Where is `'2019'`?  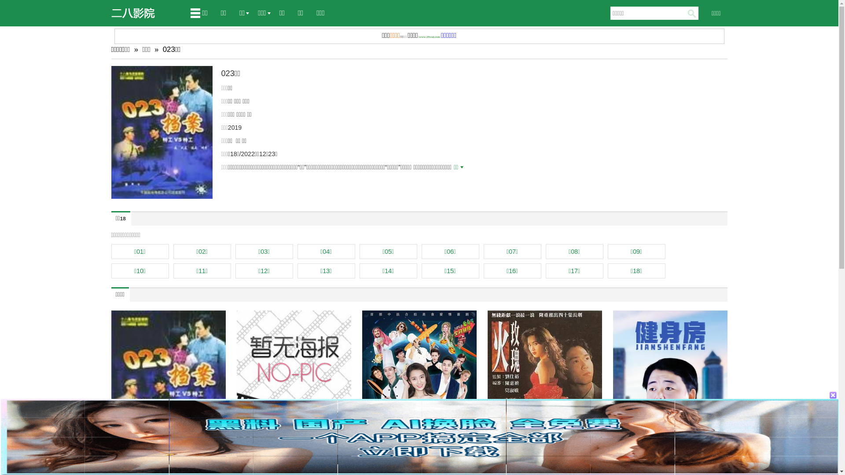
'2019' is located at coordinates (235, 127).